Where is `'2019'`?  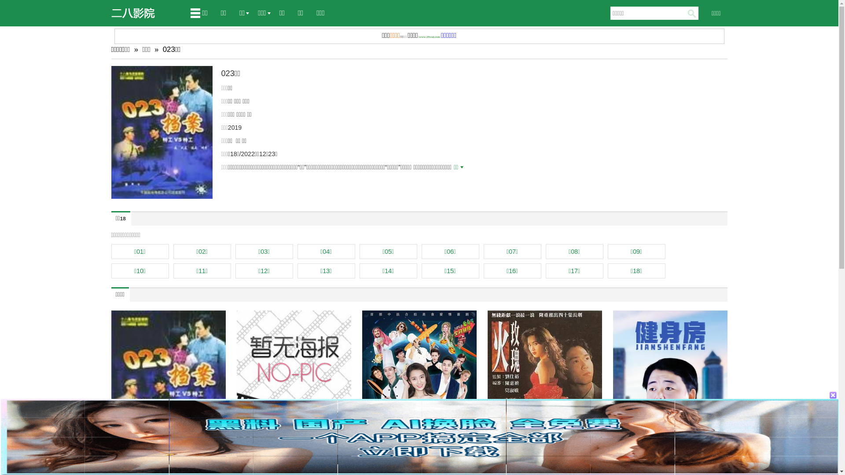
'2019' is located at coordinates (235, 127).